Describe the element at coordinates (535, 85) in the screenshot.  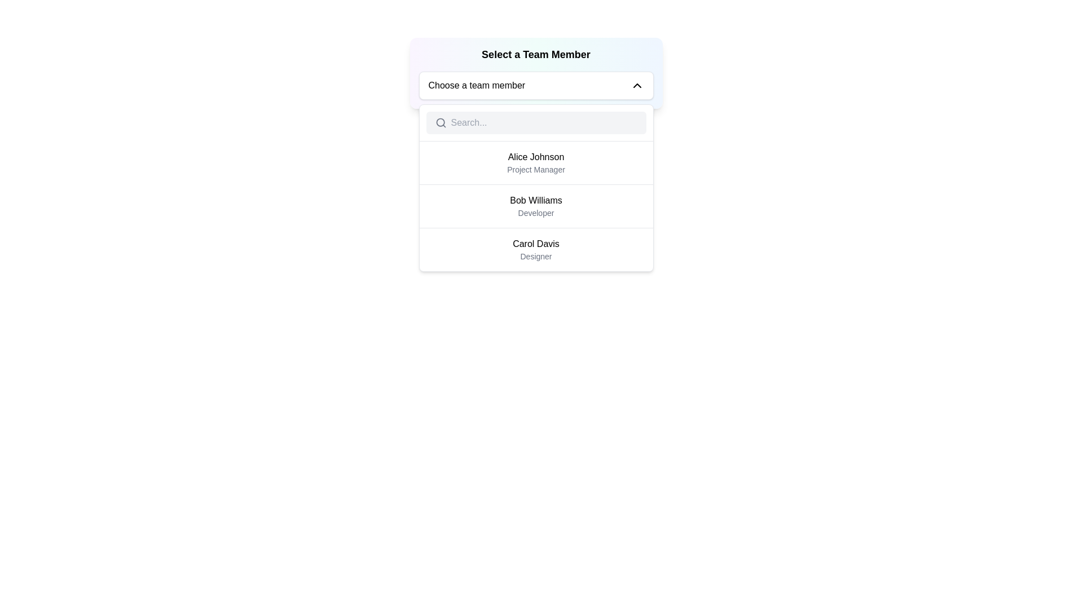
I see `the dropdown input field labeled 'Choose a team member'` at that location.